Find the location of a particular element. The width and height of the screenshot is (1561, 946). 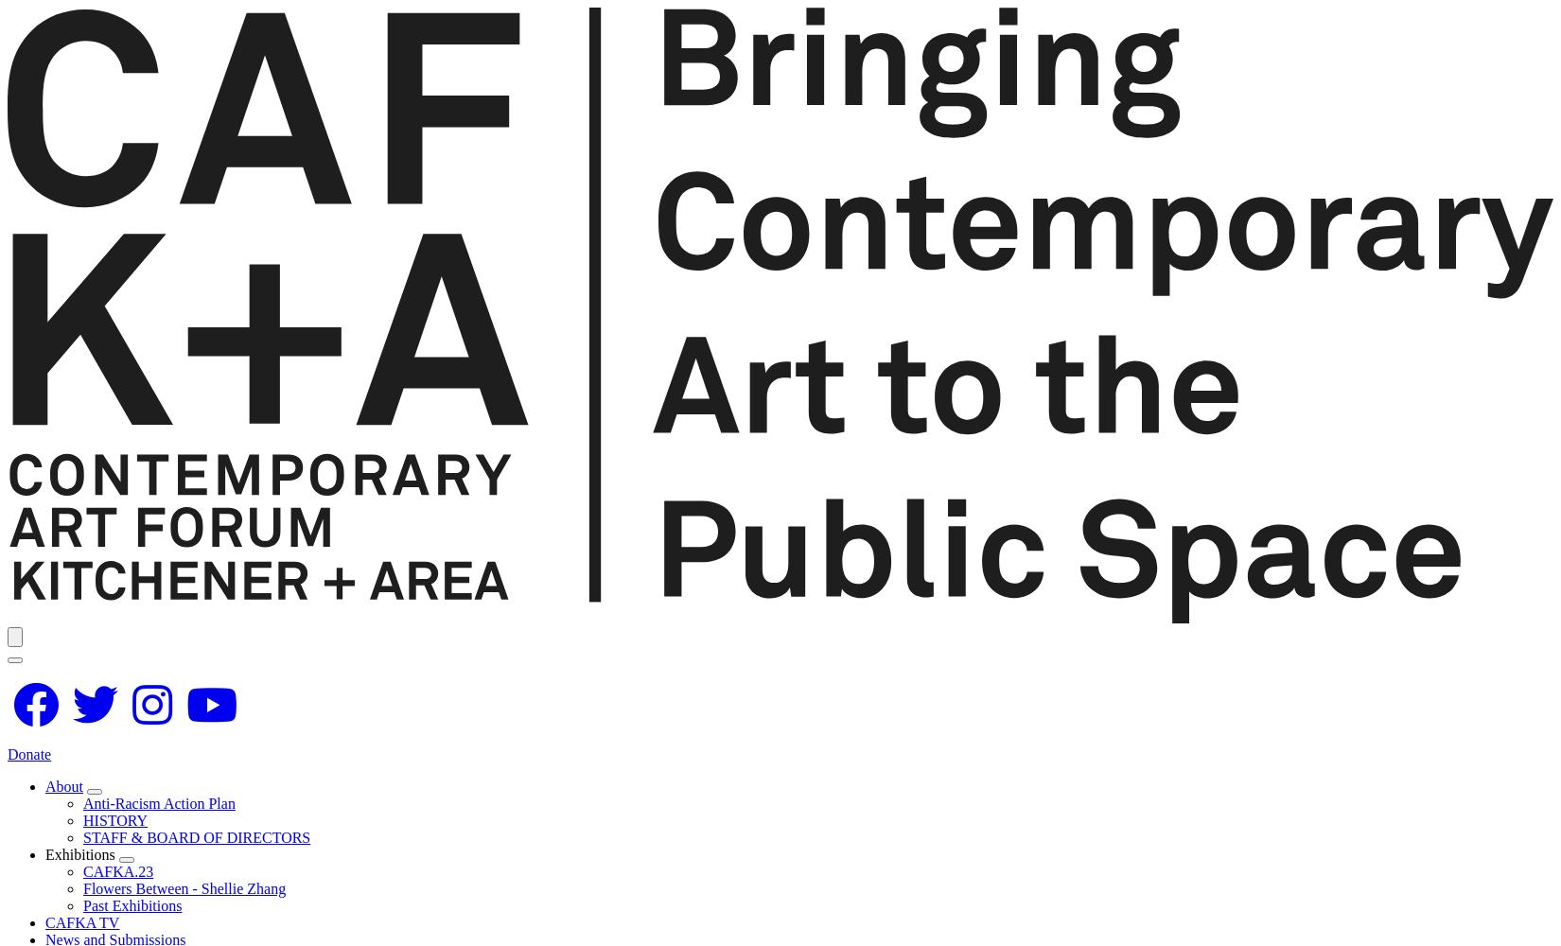

'CAFKA TV' is located at coordinates (81, 920).